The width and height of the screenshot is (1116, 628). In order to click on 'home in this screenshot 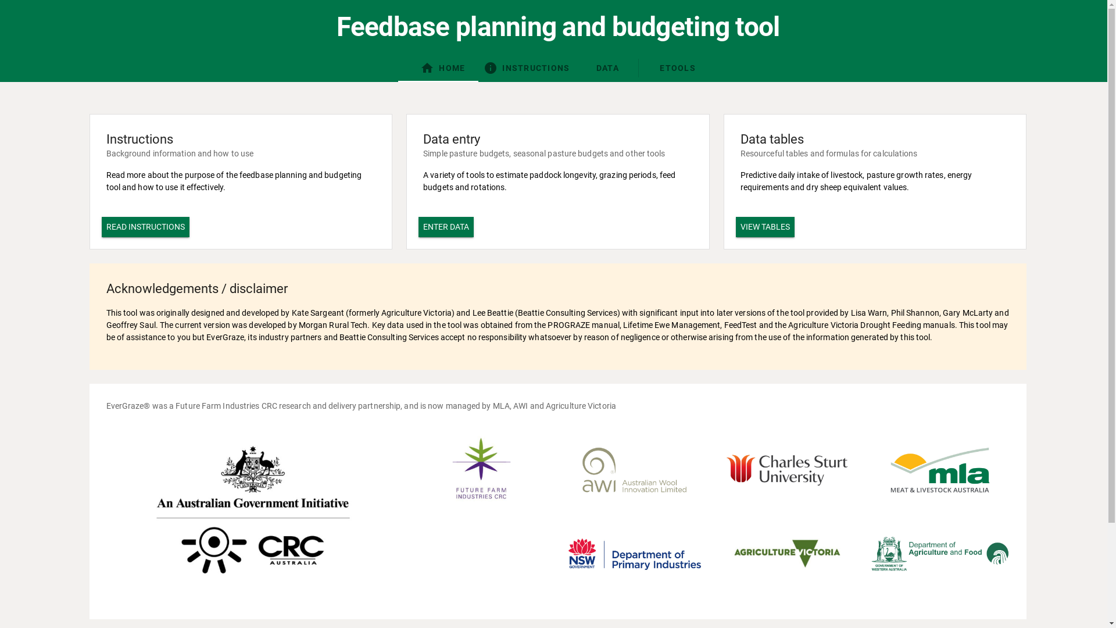, I will do `click(442, 67)`.